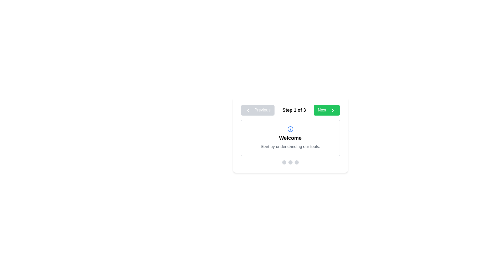 This screenshot has height=278, width=494. Describe the element at coordinates (294, 110) in the screenshot. I see `the static text indicator that shows the user is on the first of three steps in the navigation bar, located centrally between the 'Previous' and 'Next' buttons` at that location.